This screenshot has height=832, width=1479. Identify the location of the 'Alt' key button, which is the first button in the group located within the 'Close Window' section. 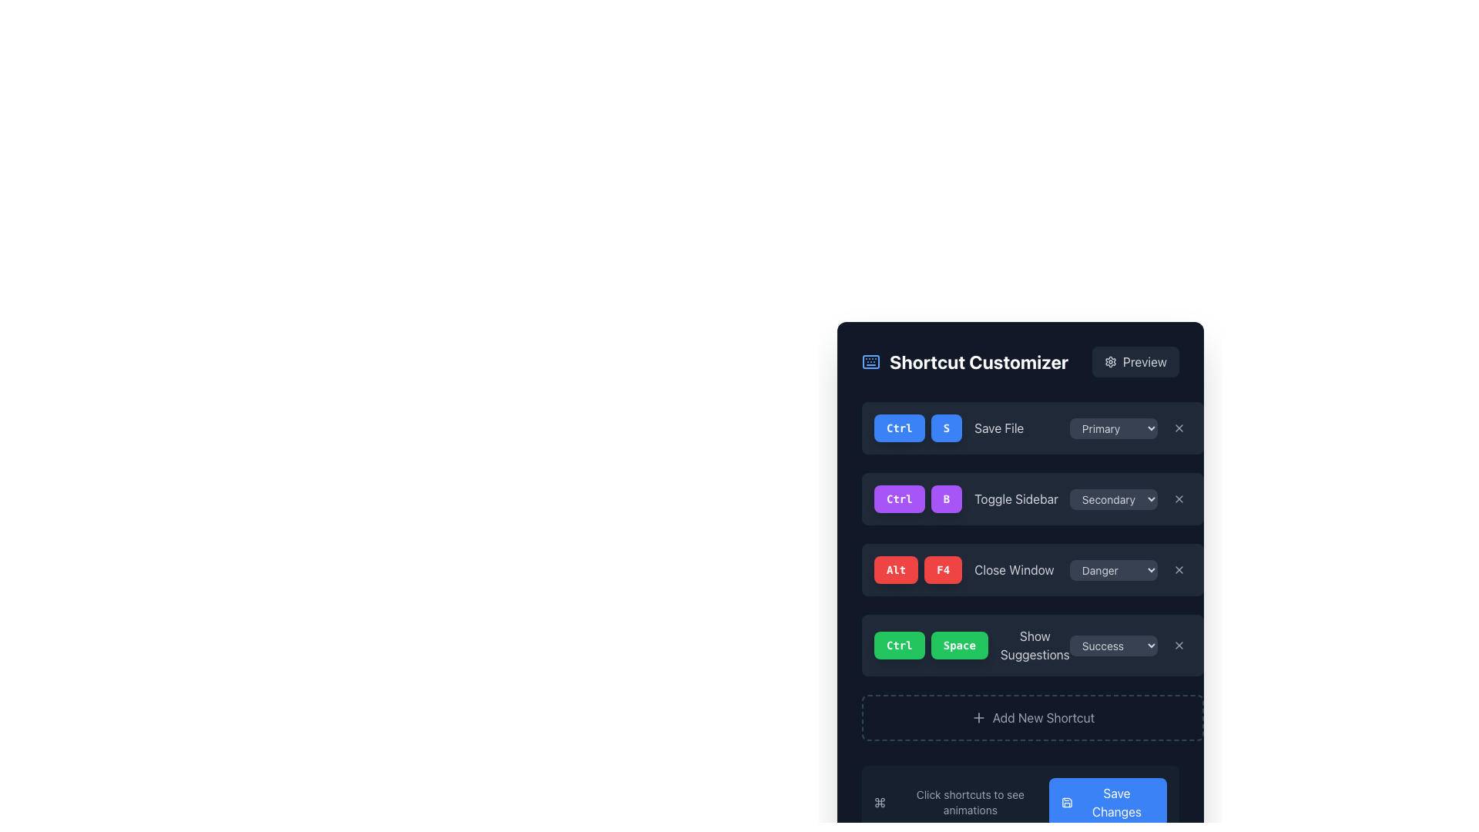
(896, 570).